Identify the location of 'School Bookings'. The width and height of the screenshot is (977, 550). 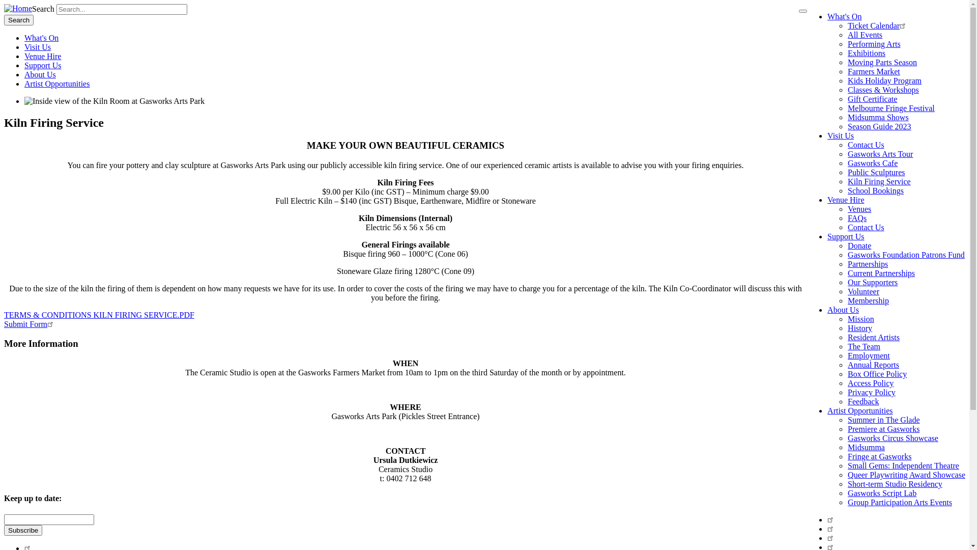
(875, 190).